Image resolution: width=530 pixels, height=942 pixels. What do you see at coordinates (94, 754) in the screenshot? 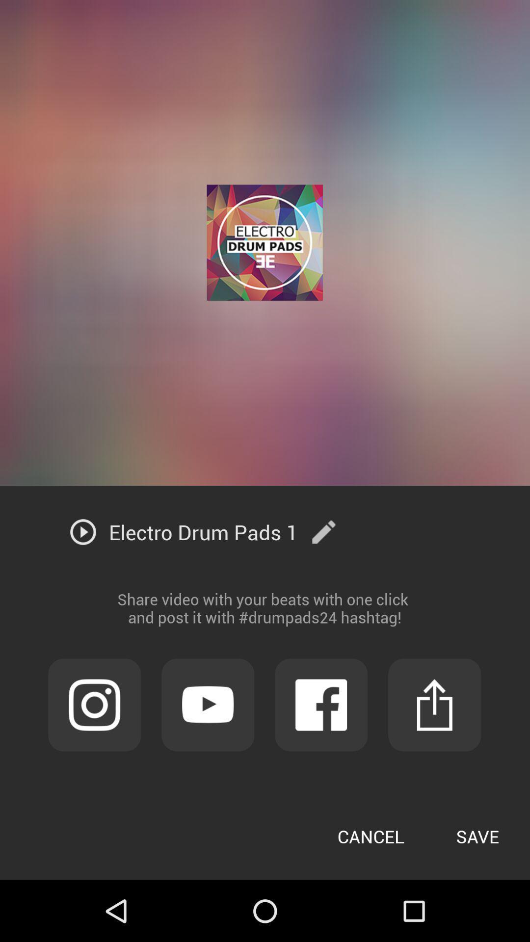
I see `the photo icon` at bounding box center [94, 754].